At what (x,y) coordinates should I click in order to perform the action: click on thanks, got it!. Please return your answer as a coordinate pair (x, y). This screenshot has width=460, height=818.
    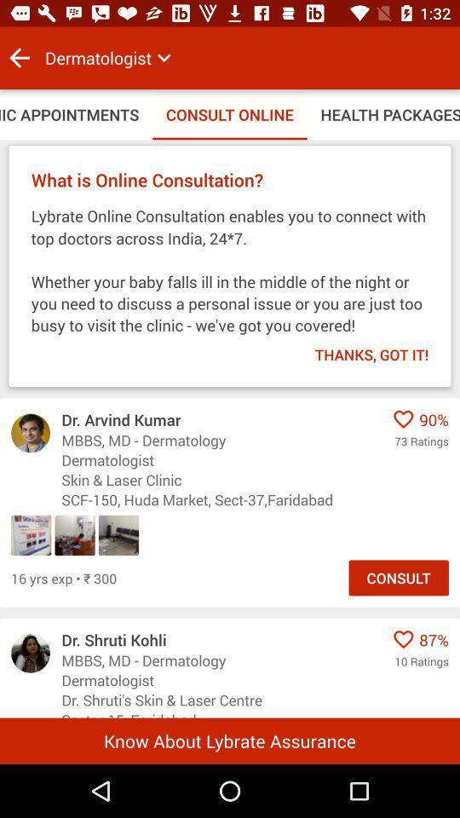
    Looking at the image, I should click on (359, 349).